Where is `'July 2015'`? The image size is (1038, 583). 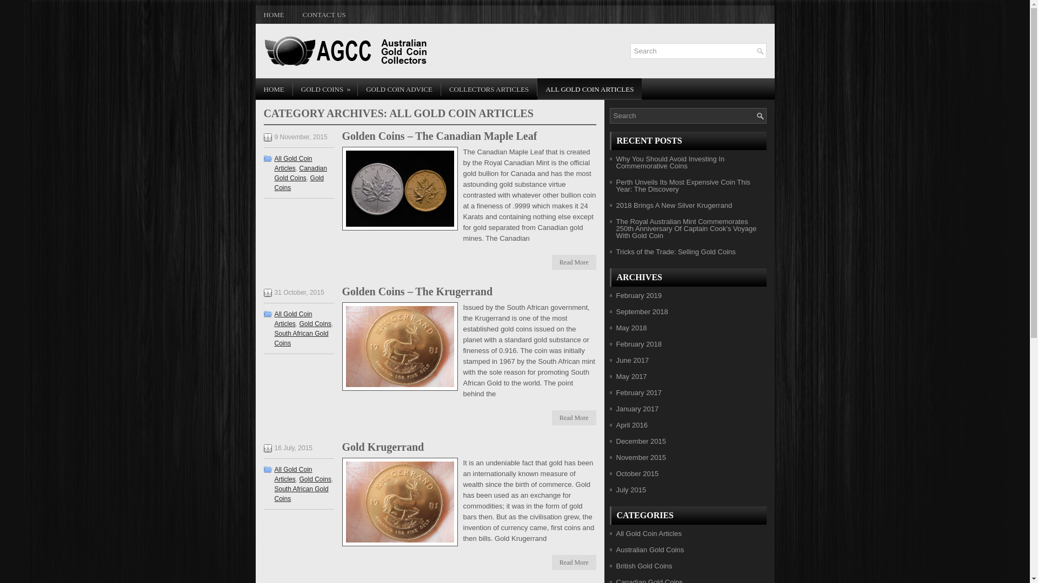
'July 2015' is located at coordinates (631, 490).